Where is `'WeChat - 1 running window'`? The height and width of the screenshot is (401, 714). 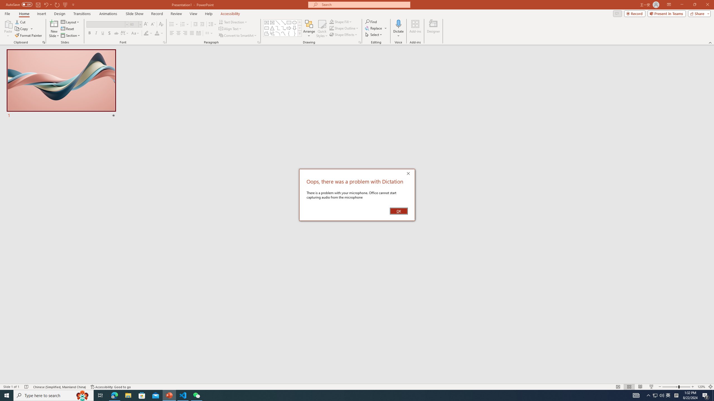
'WeChat - 1 running window' is located at coordinates (197, 395).